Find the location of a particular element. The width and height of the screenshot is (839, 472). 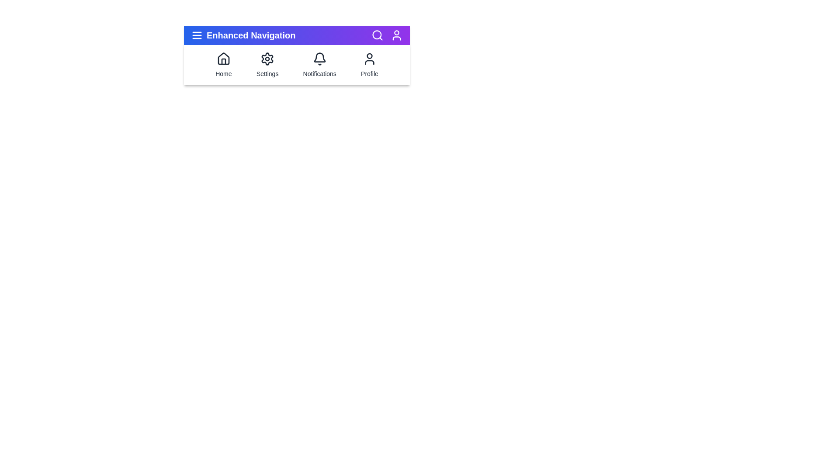

the navigation item Home is located at coordinates (223, 65).